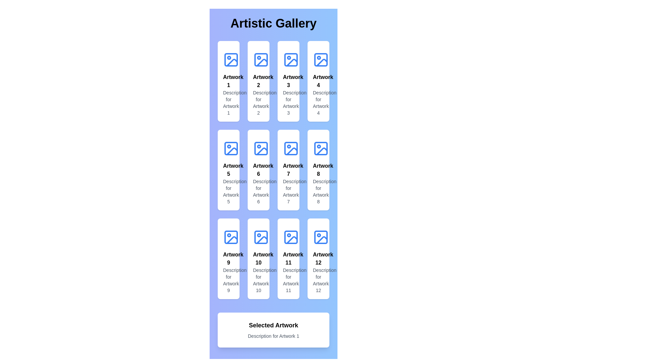 The image size is (646, 363). I want to click on the Card UI component titled 'Artwork 8', which features a blue image icon, bold title text, and a description, located in the second row, fourth column of the grid layout, so click(318, 169).